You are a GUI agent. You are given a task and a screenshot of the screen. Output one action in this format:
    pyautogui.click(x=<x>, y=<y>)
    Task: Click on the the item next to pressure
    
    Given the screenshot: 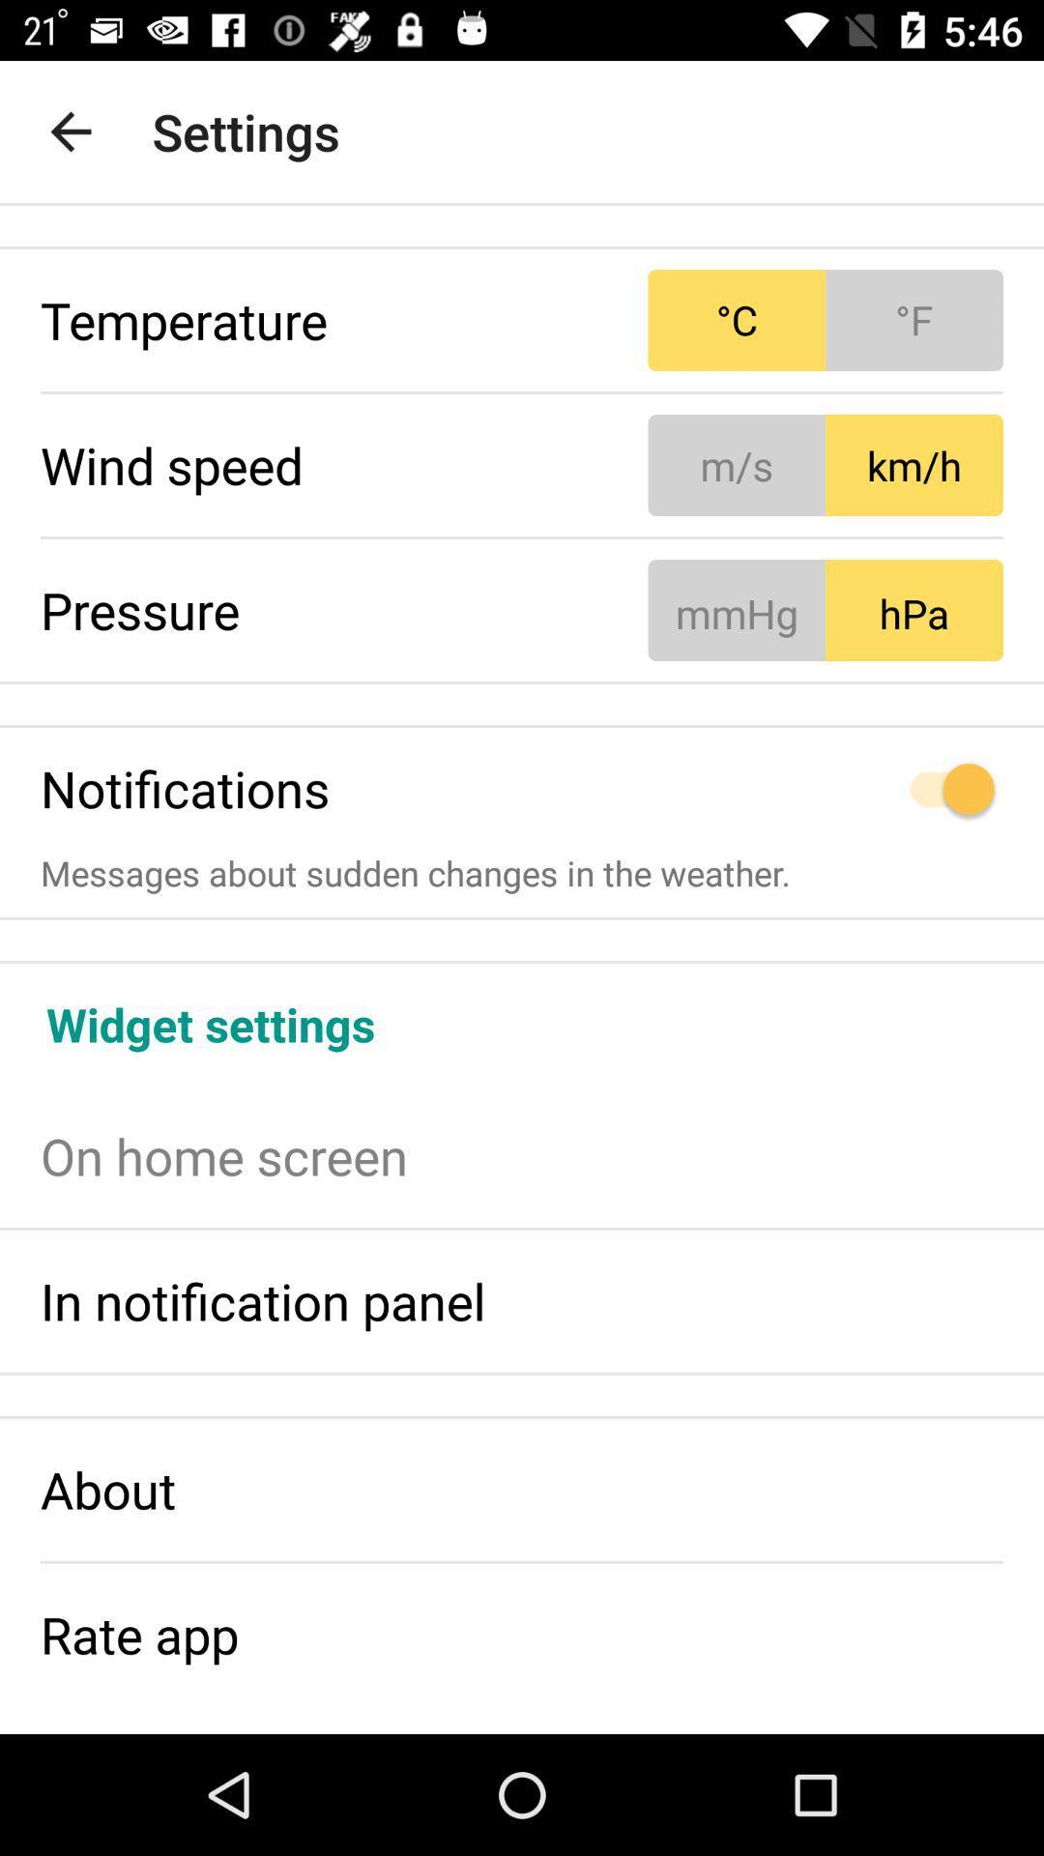 What is the action you would take?
    pyautogui.click(x=826, y=609)
    